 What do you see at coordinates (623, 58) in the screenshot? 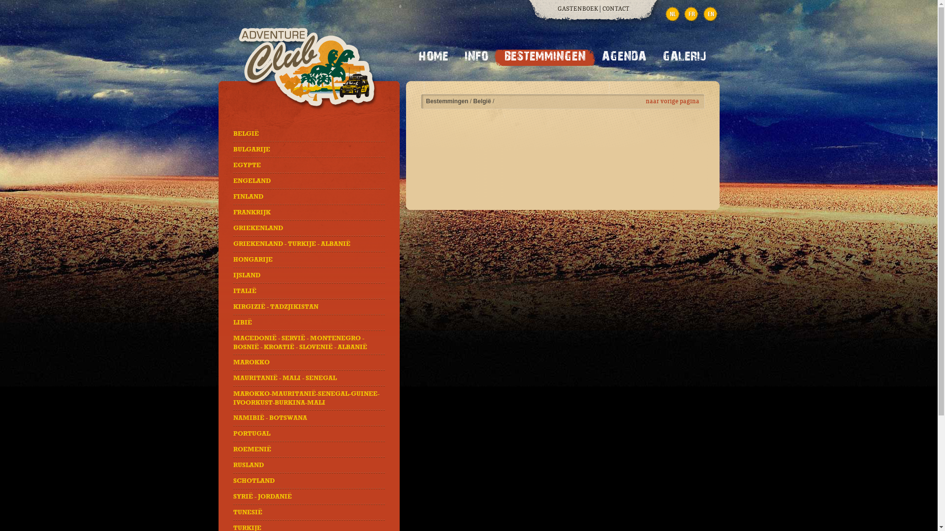
I see `'AGENDA'` at bounding box center [623, 58].